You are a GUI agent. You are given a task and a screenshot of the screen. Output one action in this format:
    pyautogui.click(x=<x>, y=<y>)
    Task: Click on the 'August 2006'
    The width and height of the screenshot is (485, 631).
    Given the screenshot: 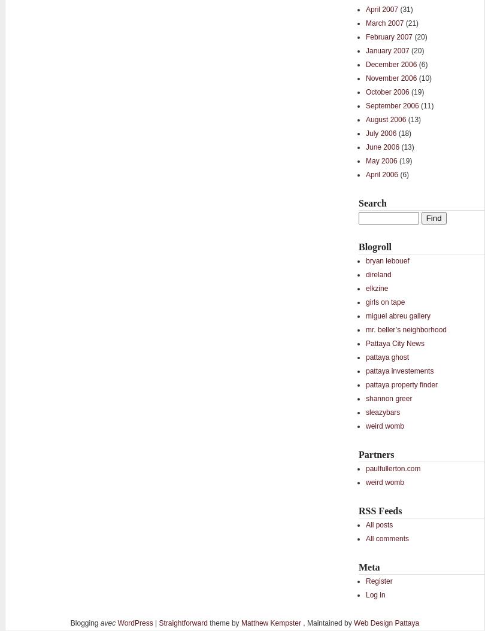 What is the action you would take?
    pyautogui.click(x=365, y=118)
    